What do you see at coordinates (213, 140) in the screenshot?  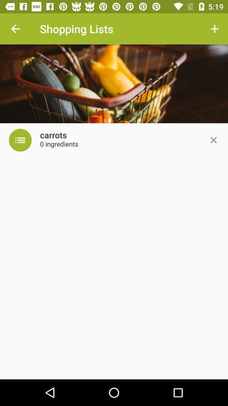 I see `the add` at bounding box center [213, 140].